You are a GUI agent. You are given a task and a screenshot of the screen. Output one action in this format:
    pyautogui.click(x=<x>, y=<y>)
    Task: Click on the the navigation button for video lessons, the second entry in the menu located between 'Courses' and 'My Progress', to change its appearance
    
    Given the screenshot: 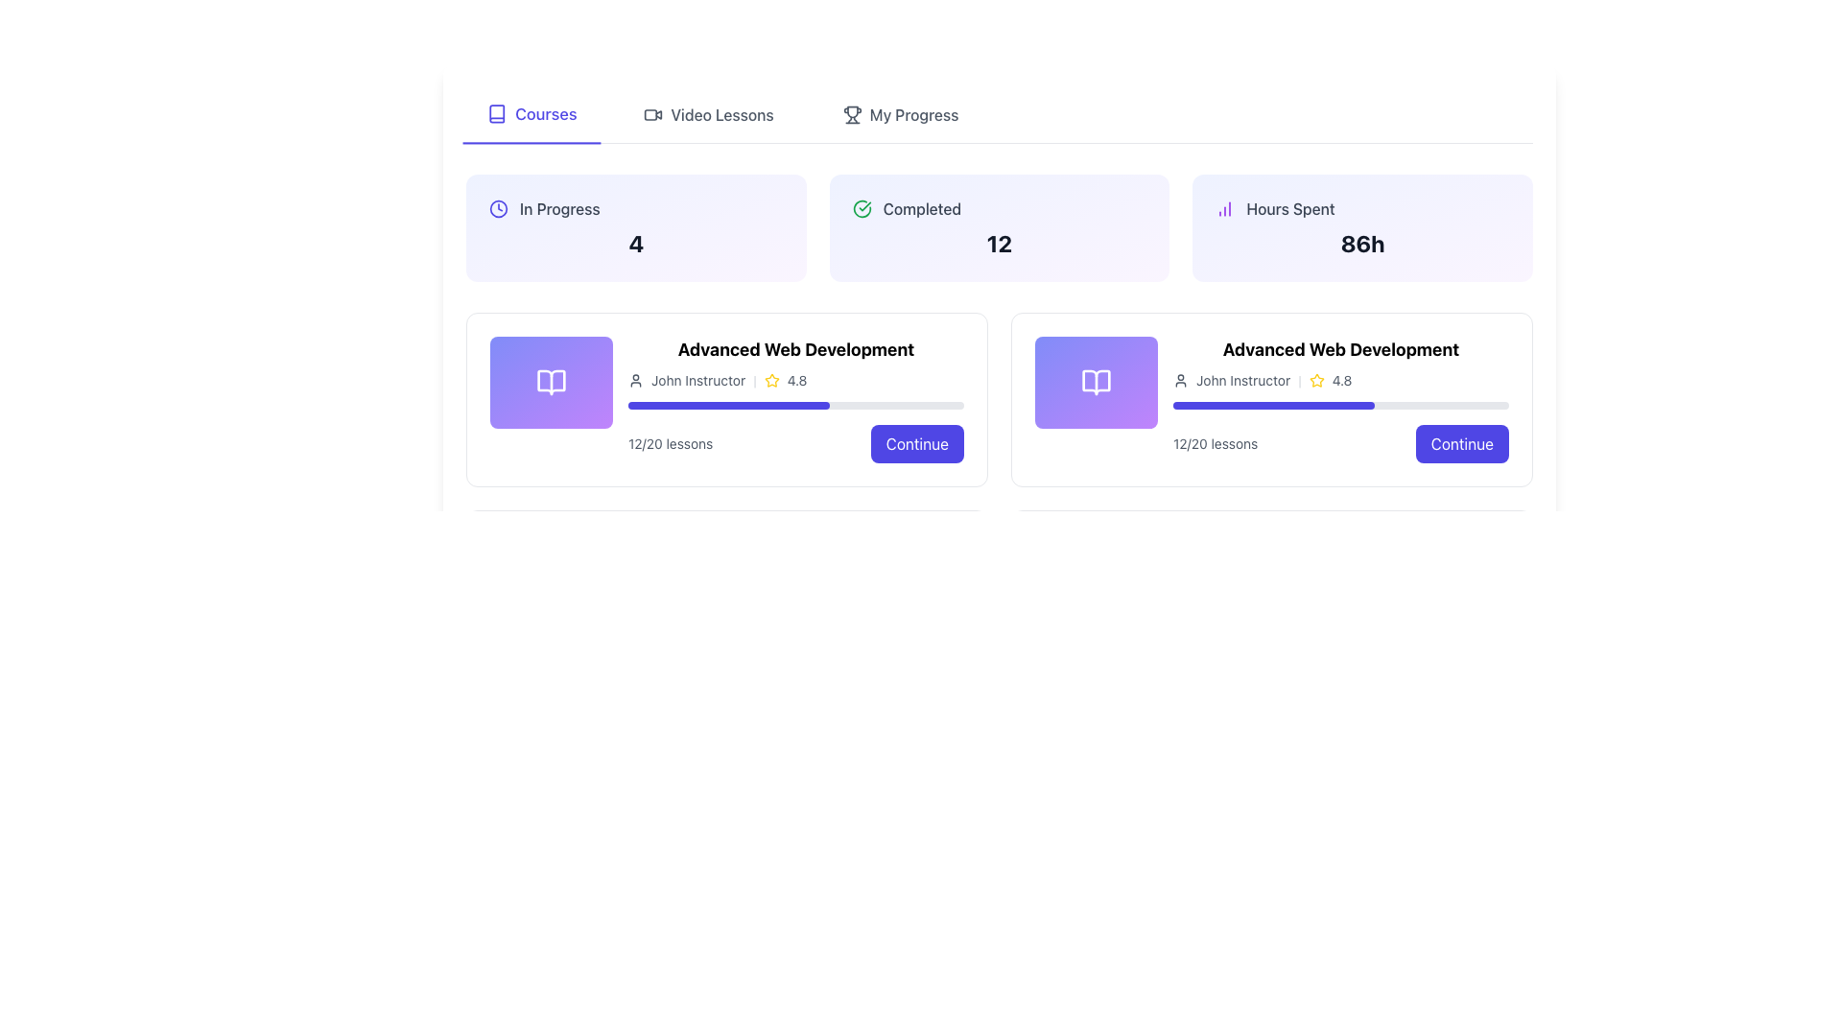 What is the action you would take?
    pyautogui.click(x=708, y=114)
    